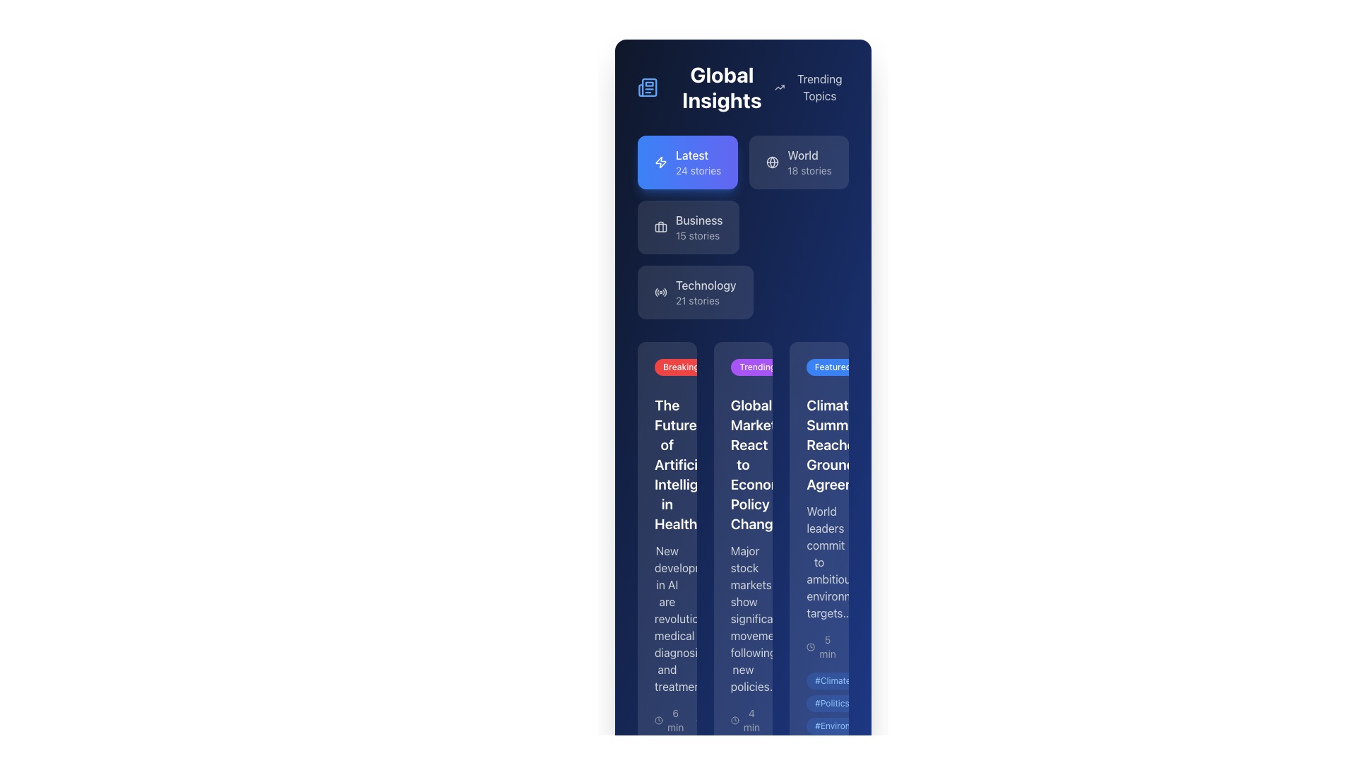 The width and height of the screenshot is (1356, 763). Describe the element at coordinates (811, 646) in the screenshot. I see `the time icon located on the left side of the '5 min' label at the bottom section of the news article card` at that location.